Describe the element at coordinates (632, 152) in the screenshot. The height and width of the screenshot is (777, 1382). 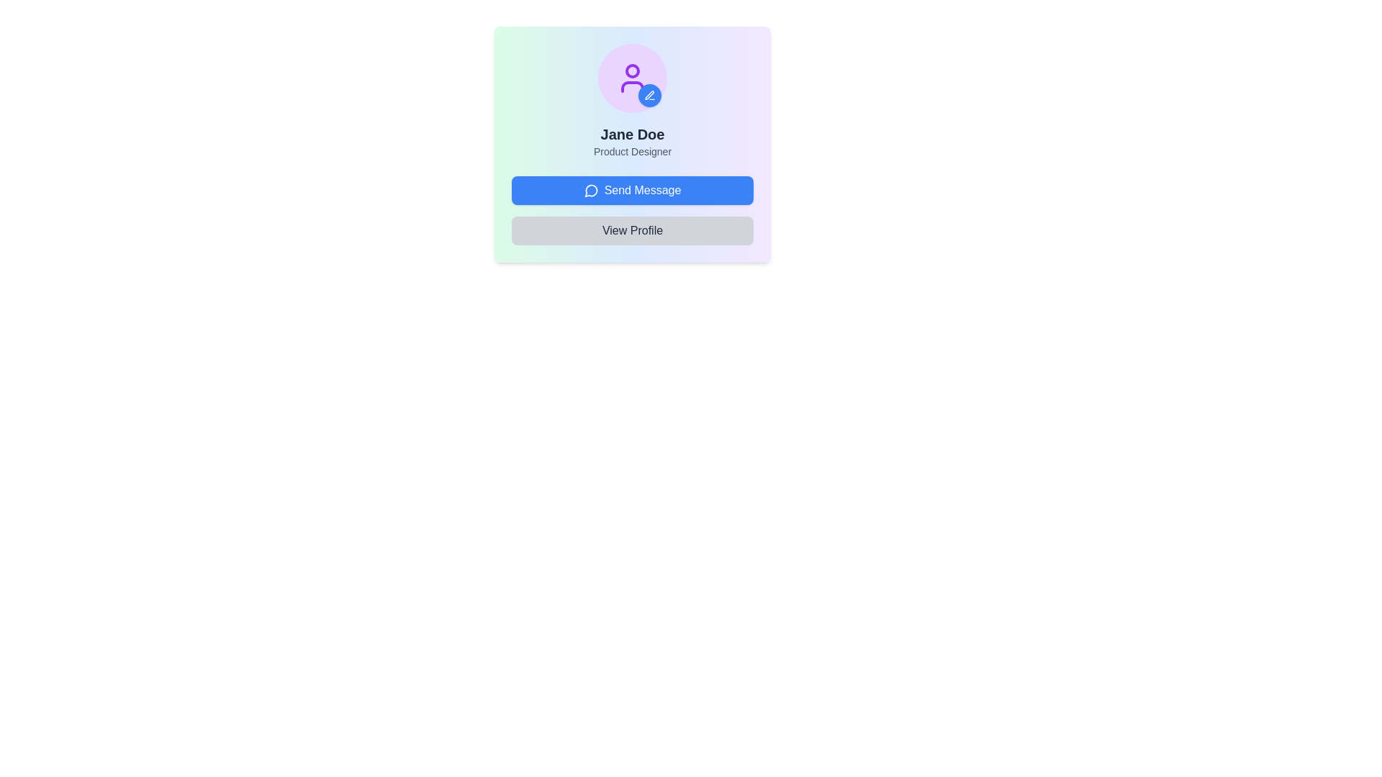
I see `the text element displaying 'Product Designer', which is styled in gray and located below 'Jane Doe' within a card-like layout` at that location.